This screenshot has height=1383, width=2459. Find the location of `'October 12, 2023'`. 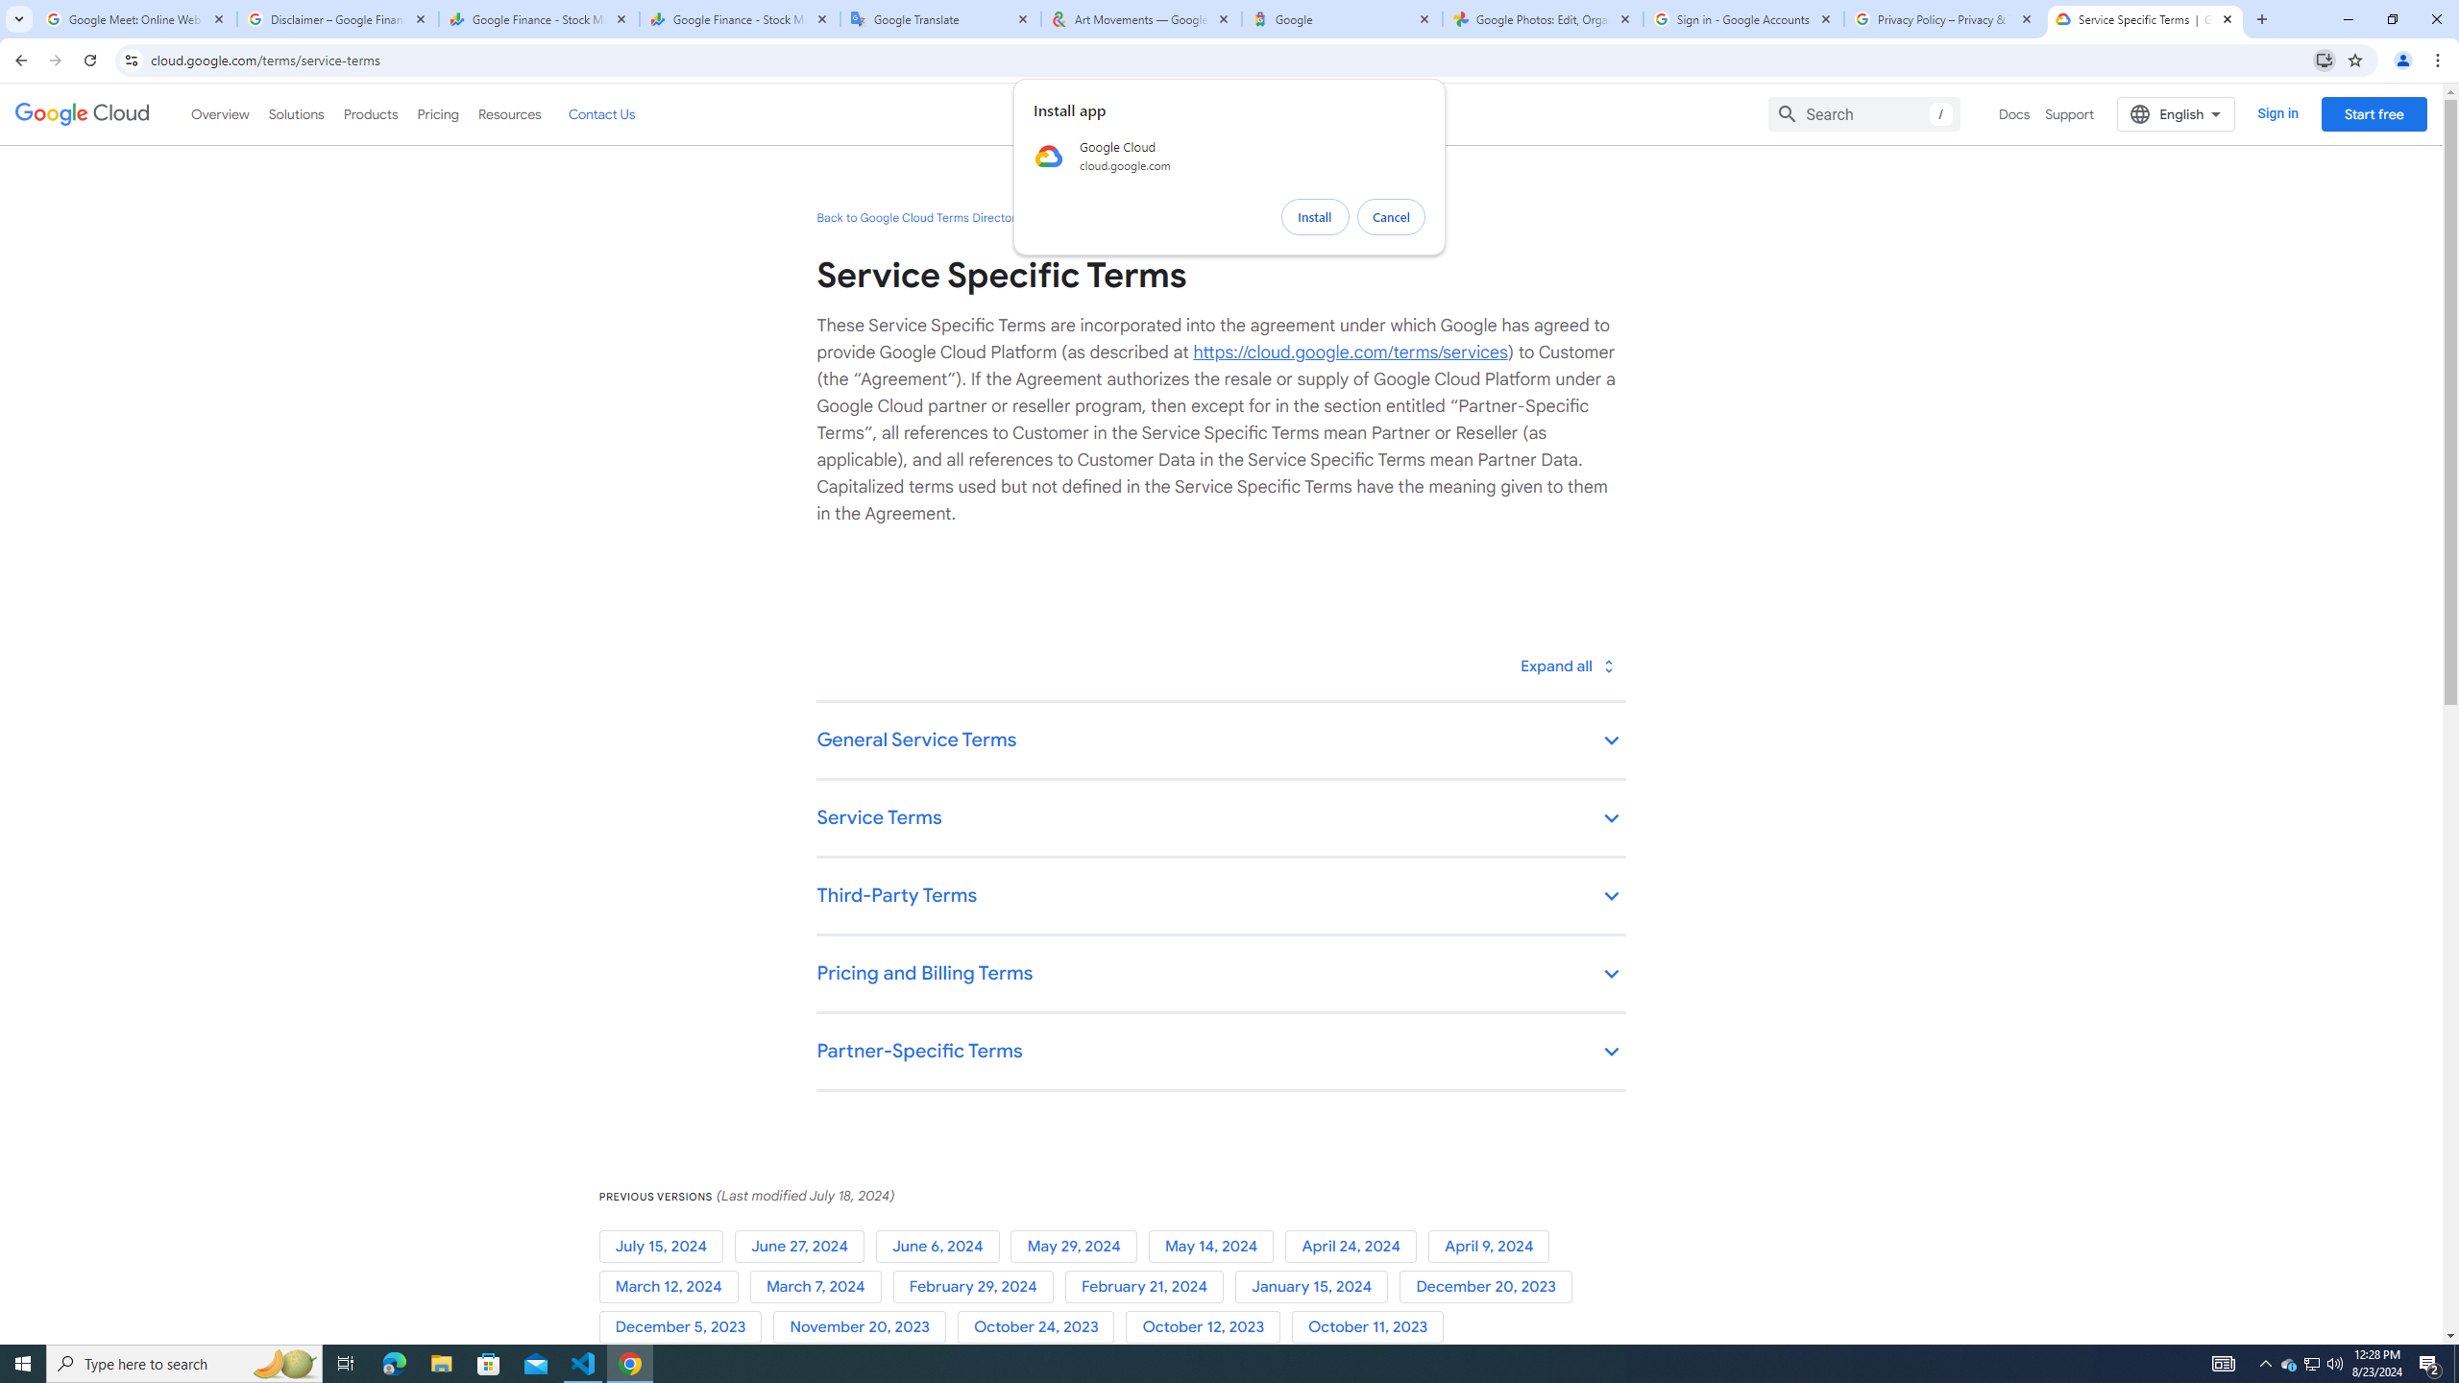

'October 12, 2023' is located at coordinates (1207, 1327).